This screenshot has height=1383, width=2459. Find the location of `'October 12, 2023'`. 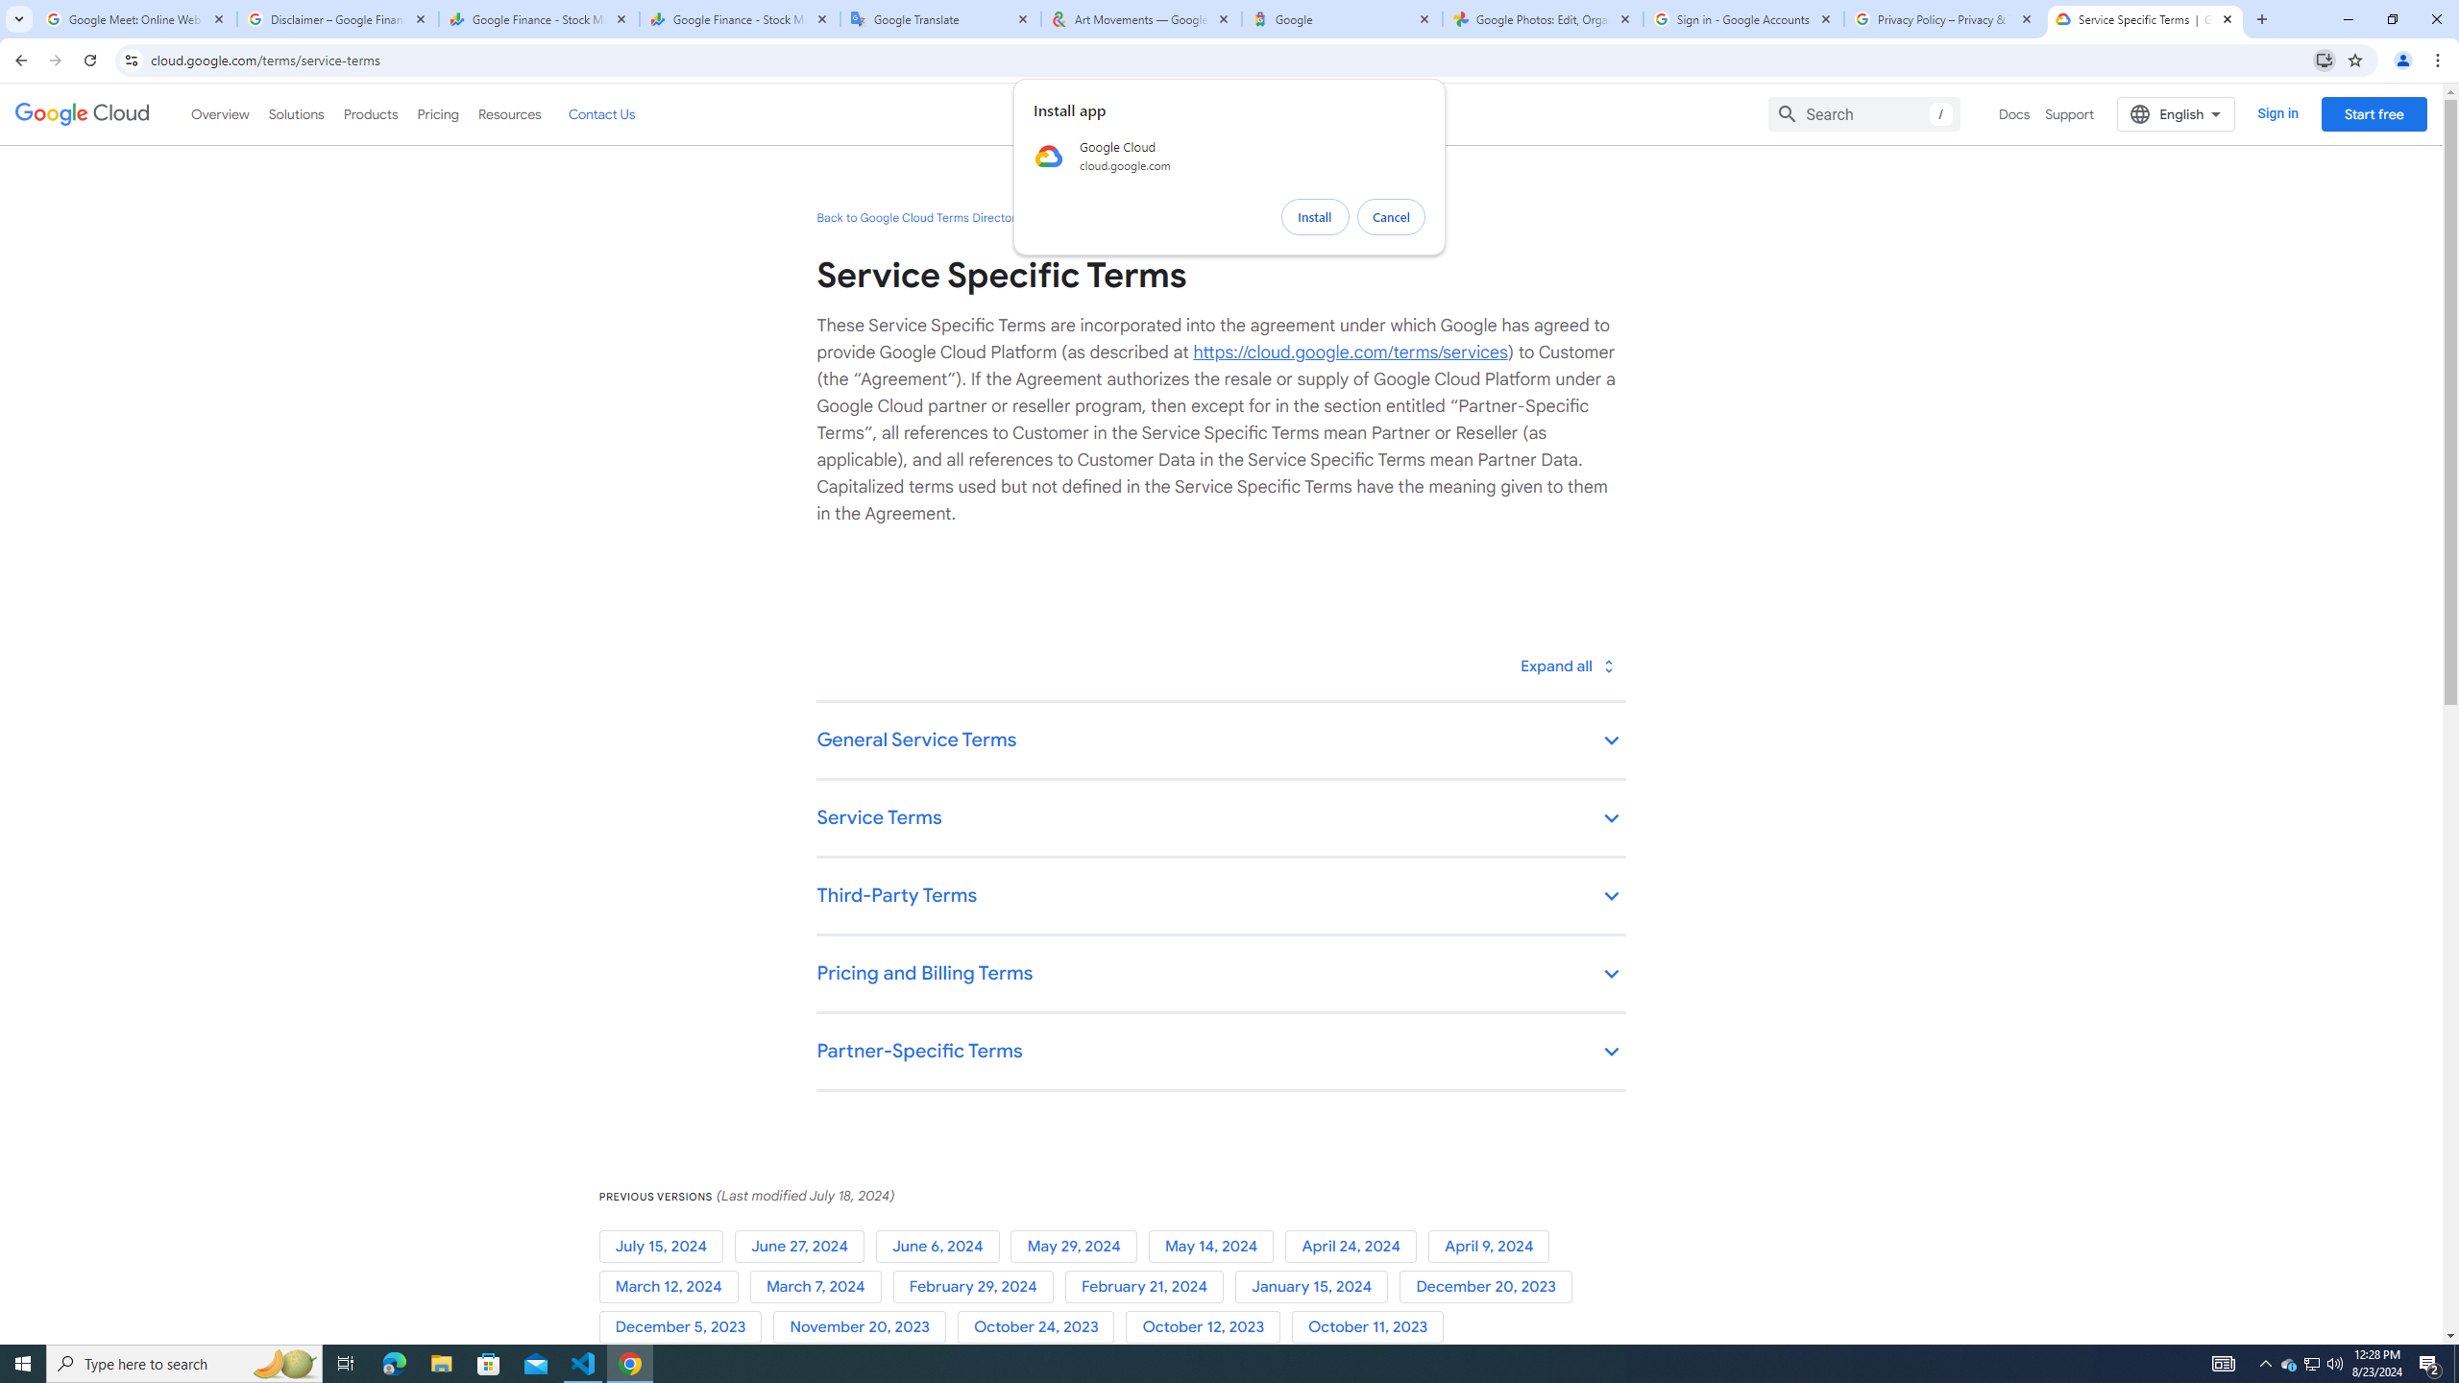

'October 12, 2023' is located at coordinates (1207, 1327).